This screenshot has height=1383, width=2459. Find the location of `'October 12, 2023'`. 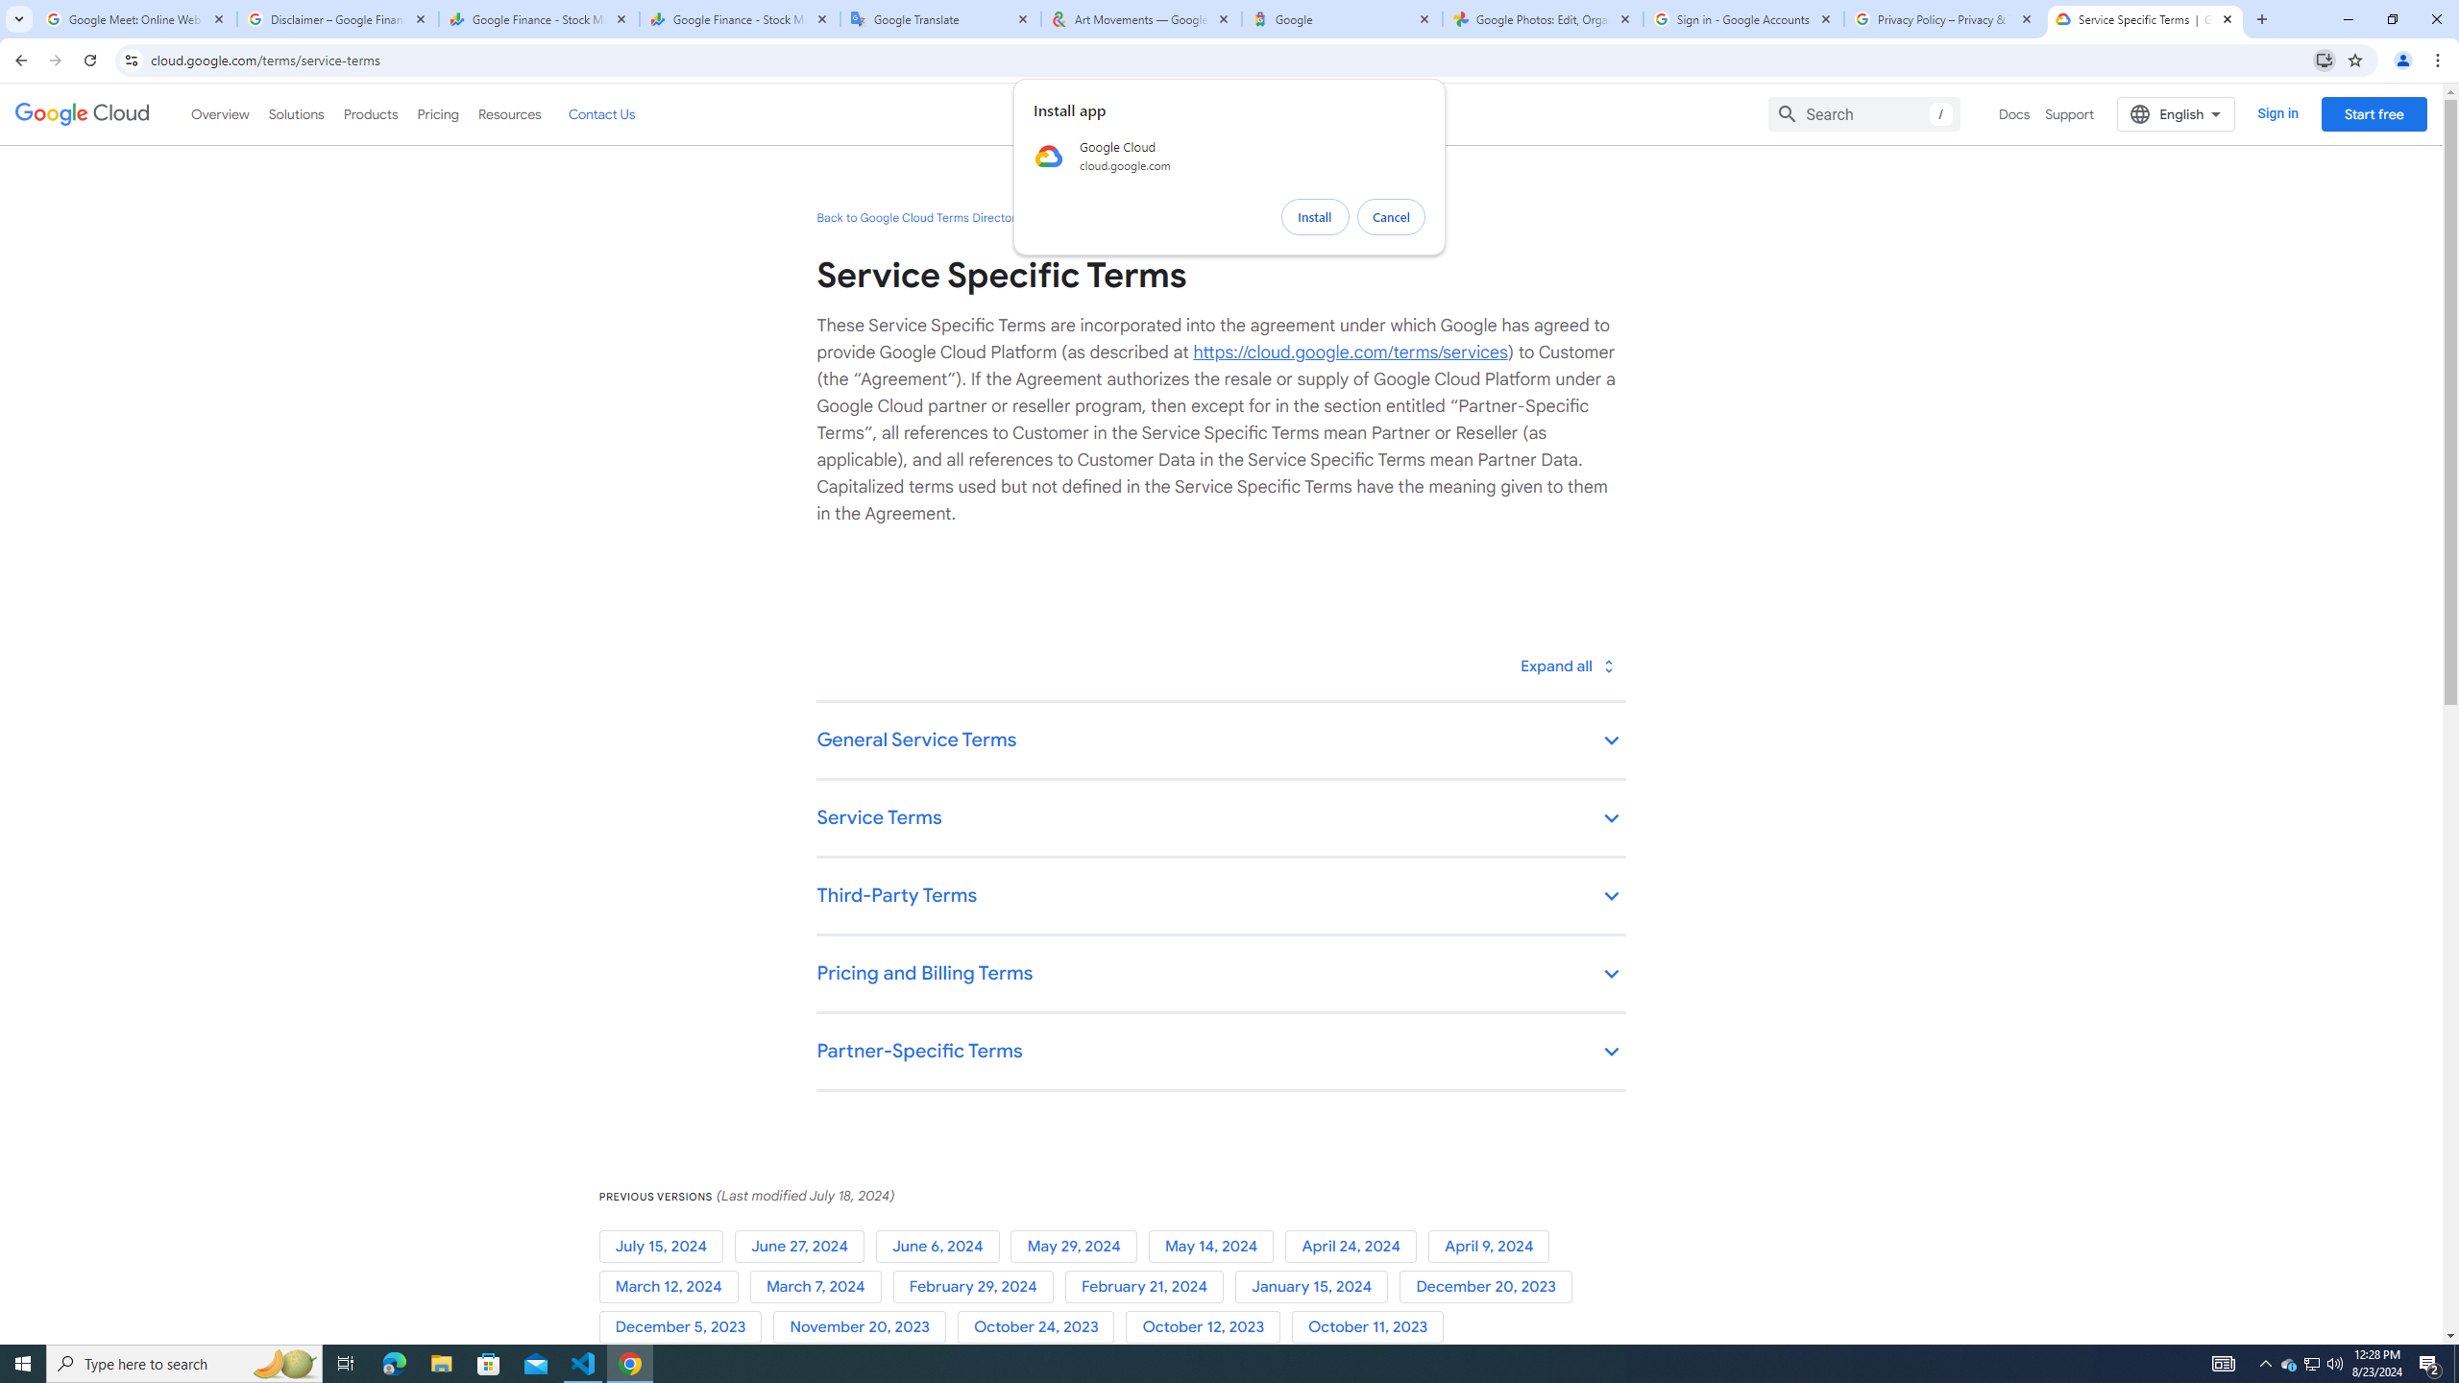

'October 12, 2023' is located at coordinates (1207, 1327).